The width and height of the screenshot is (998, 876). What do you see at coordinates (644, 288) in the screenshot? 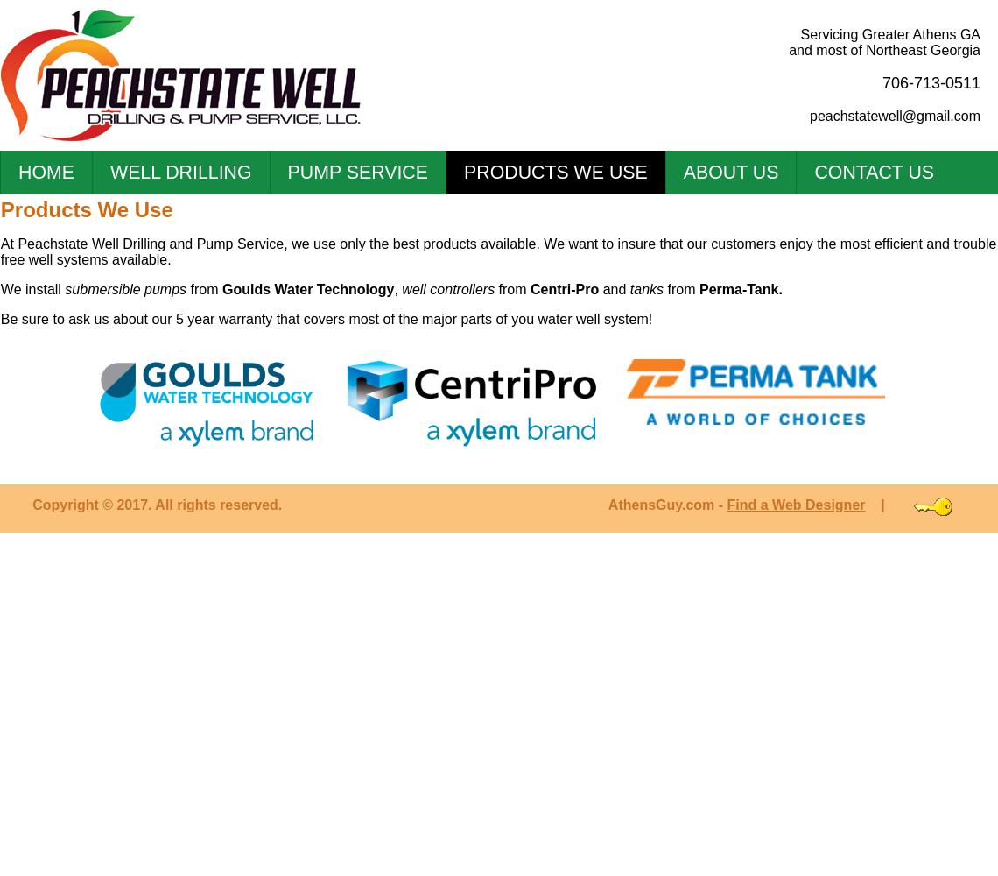
I see `'tanks'` at bounding box center [644, 288].